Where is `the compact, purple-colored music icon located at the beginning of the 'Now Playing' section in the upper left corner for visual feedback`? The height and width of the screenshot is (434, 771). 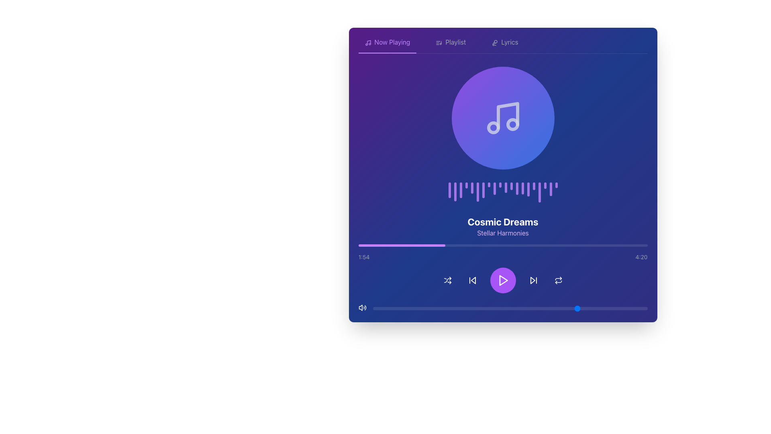
the compact, purple-colored music icon located at the beginning of the 'Now Playing' section in the upper left corner for visual feedback is located at coordinates (367, 43).